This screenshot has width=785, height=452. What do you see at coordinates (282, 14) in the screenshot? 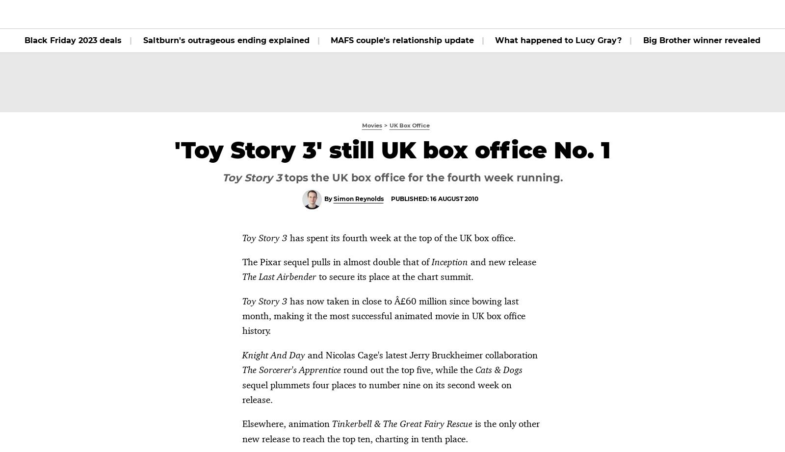
I see `'Soaps'` at bounding box center [282, 14].